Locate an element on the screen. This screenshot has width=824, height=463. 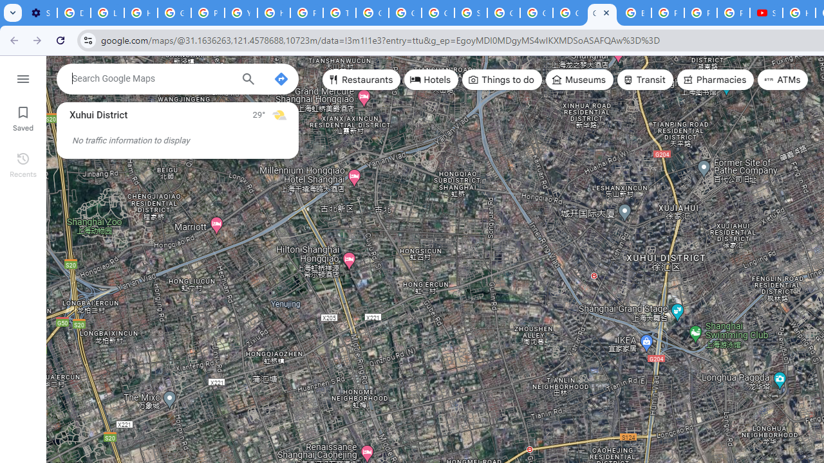
'Delete photos & videos - Computer - Google Photos Help' is located at coordinates (73, 13).